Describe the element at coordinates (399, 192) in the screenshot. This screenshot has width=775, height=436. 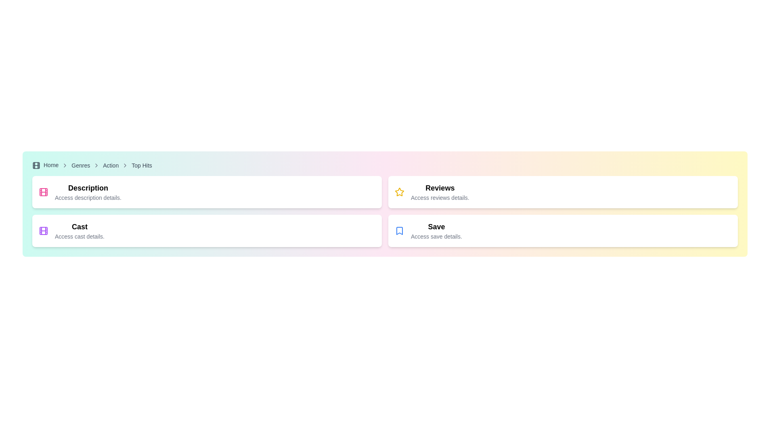
I see `the small yellow star icon with a hollow center located in the top-right area of the 'Reviews' section` at that location.